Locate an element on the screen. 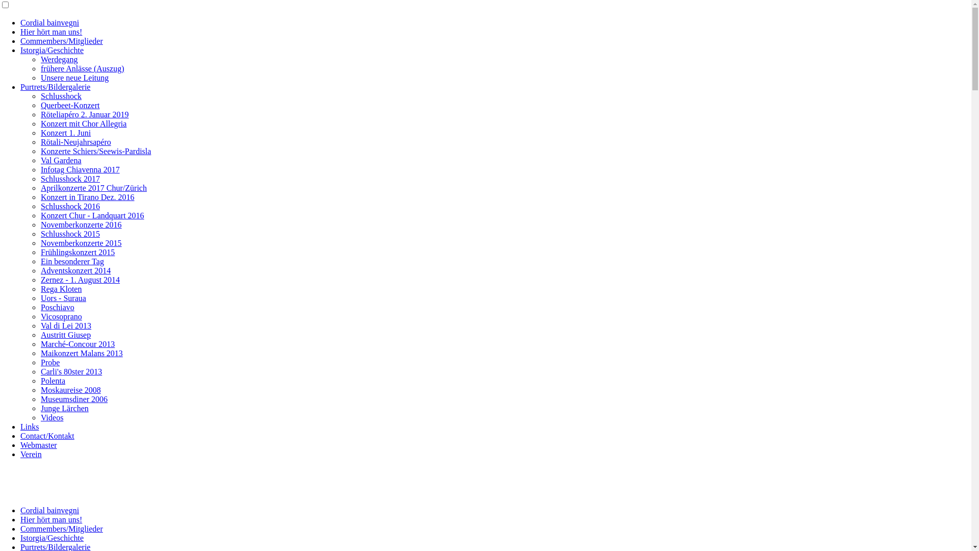 The width and height of the screenshot is (979, 551). 'Verein' is located at coordinates (31, 454).